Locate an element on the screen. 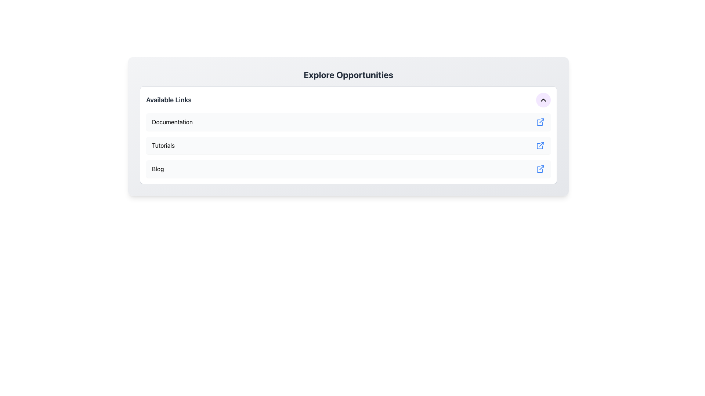 The height and width of the screenshot is (396, 705). the 'Blog' text label, which is the first item in the menu-like structure is located at coordinates (158, 169).